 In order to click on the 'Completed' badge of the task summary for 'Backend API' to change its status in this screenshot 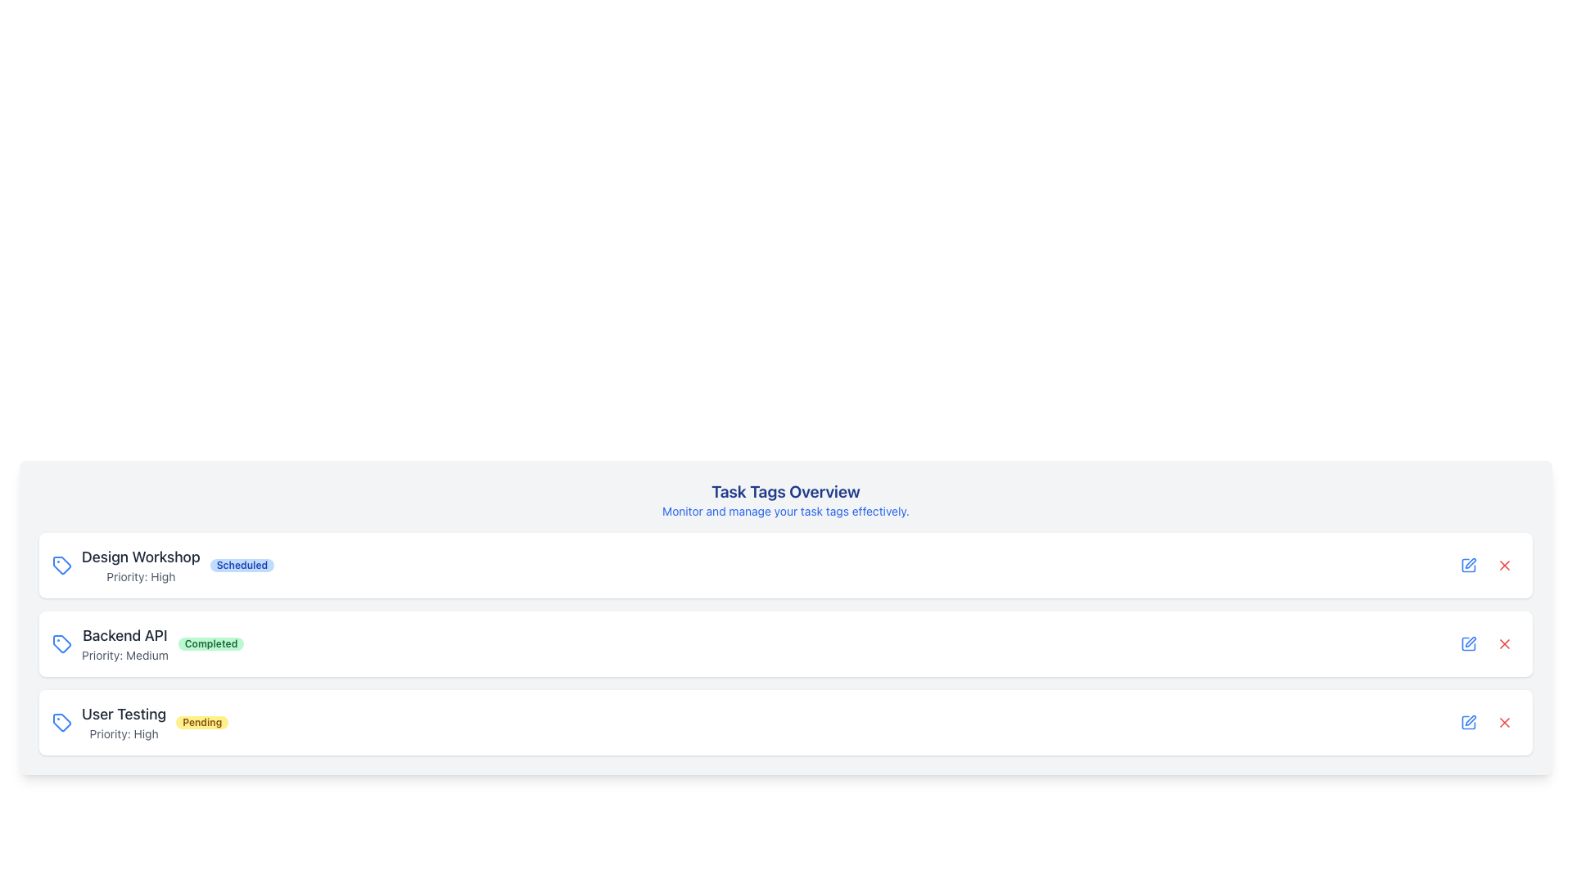, I will do `click(148, 643)`.